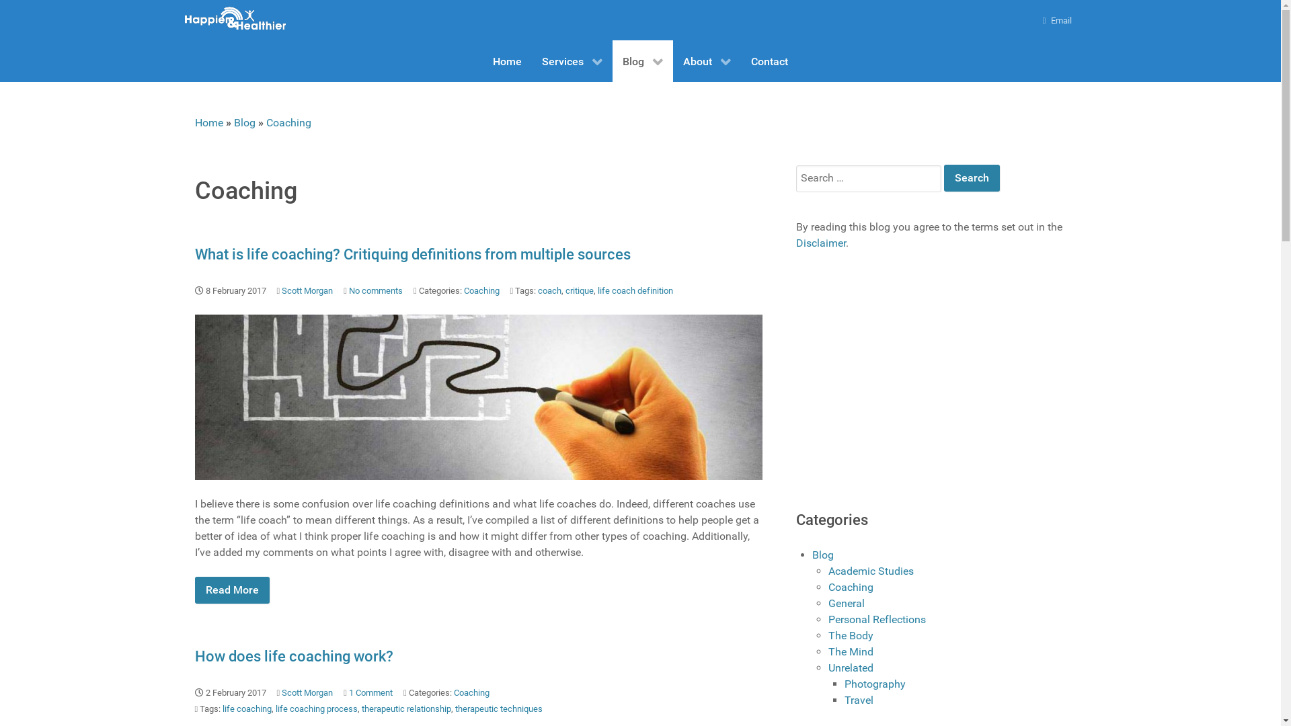 This screenshot has width=1291, height=726. Describe the element at coordinates (498, 708) in the screenshot. I see `'therapeutic techniques'` at that location.